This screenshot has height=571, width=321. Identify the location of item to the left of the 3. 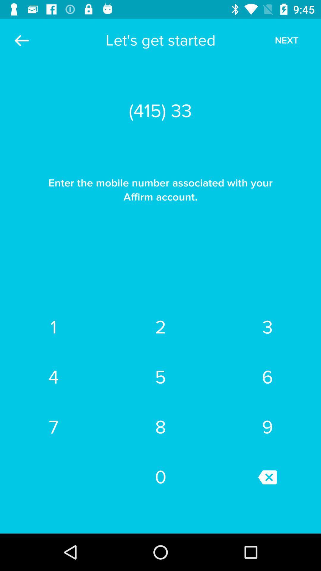
(160, 377).